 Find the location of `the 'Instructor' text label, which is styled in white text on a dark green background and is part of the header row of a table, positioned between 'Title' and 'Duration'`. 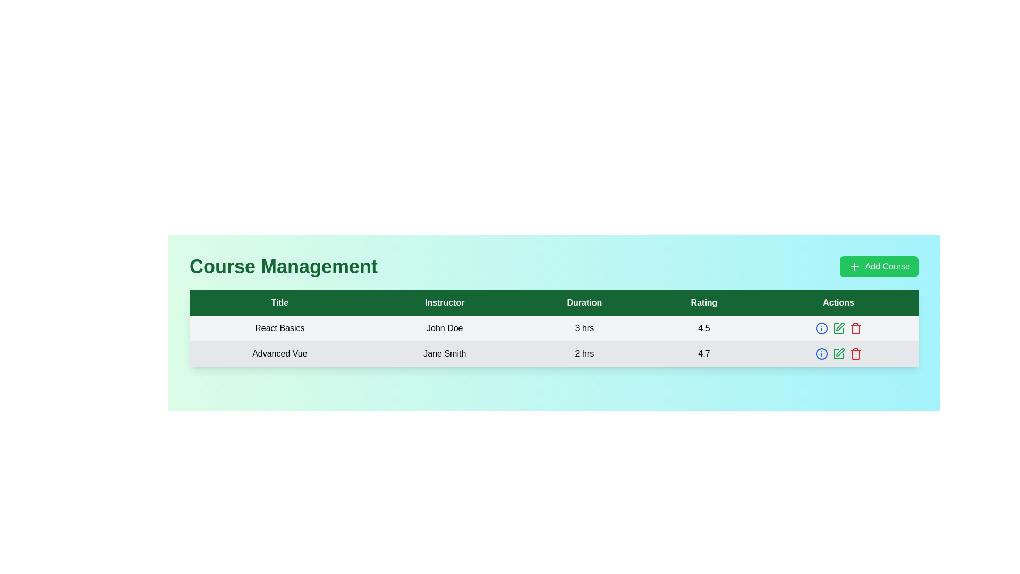

the 'Instructor' text label, which is styled in white text on a dark green background and is part of the header row of a table, positioned between 'Title' and 'Duration' is located at coordinates (445, 303).